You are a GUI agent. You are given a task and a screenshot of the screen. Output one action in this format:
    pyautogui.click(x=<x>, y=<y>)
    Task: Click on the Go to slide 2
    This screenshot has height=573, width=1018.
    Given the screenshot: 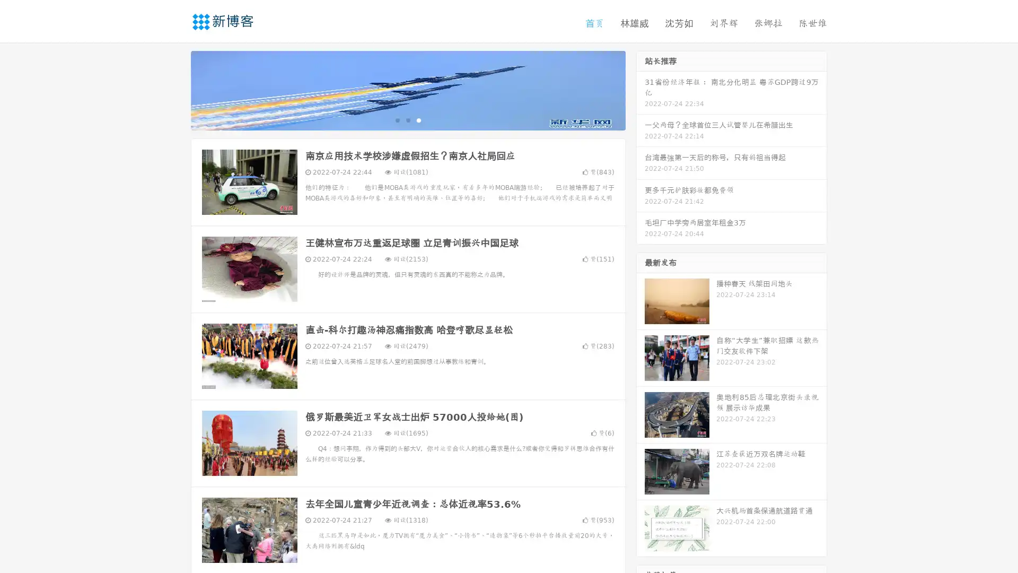 What is the action you would take?
    pyautogui.click(x=407, y=119)
    